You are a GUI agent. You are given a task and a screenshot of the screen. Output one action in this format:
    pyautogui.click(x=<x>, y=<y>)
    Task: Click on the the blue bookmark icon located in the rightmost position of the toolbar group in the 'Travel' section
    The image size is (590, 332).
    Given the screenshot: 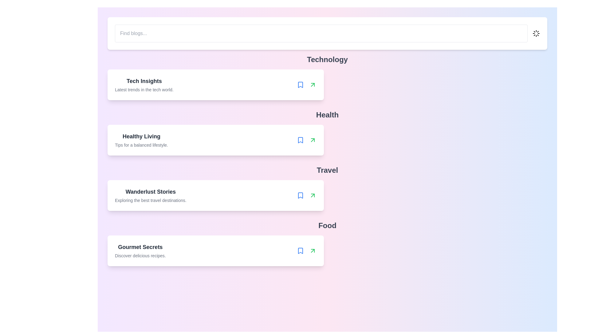 What is the action you would take?
    pyautogui.click(x=300, y=196)
    